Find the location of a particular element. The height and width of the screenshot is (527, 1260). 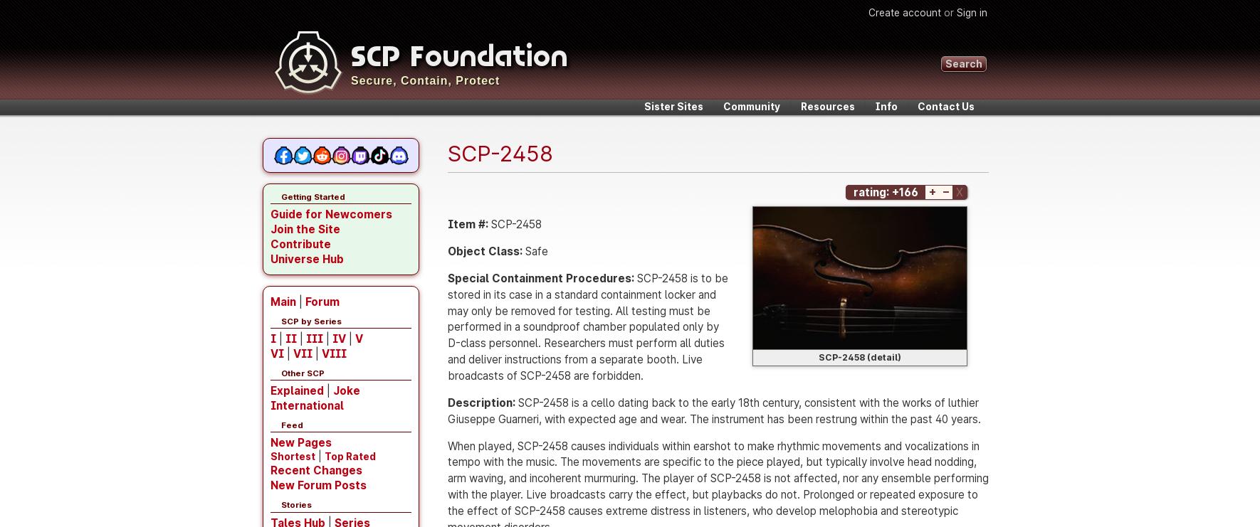

'rating:' is located at coordinates (871, 191).